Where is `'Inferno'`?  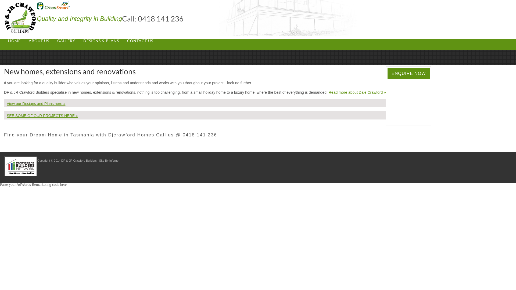 'Inferno' is located at coordinates (113, 160).